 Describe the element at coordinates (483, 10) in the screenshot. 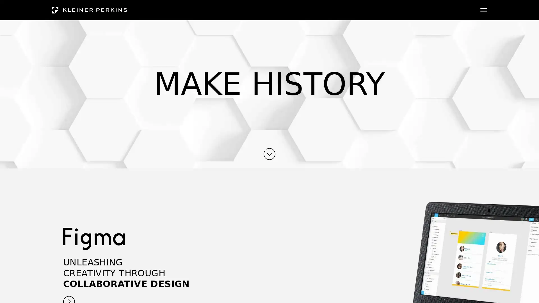

I see `Toggle navigation` at that location.